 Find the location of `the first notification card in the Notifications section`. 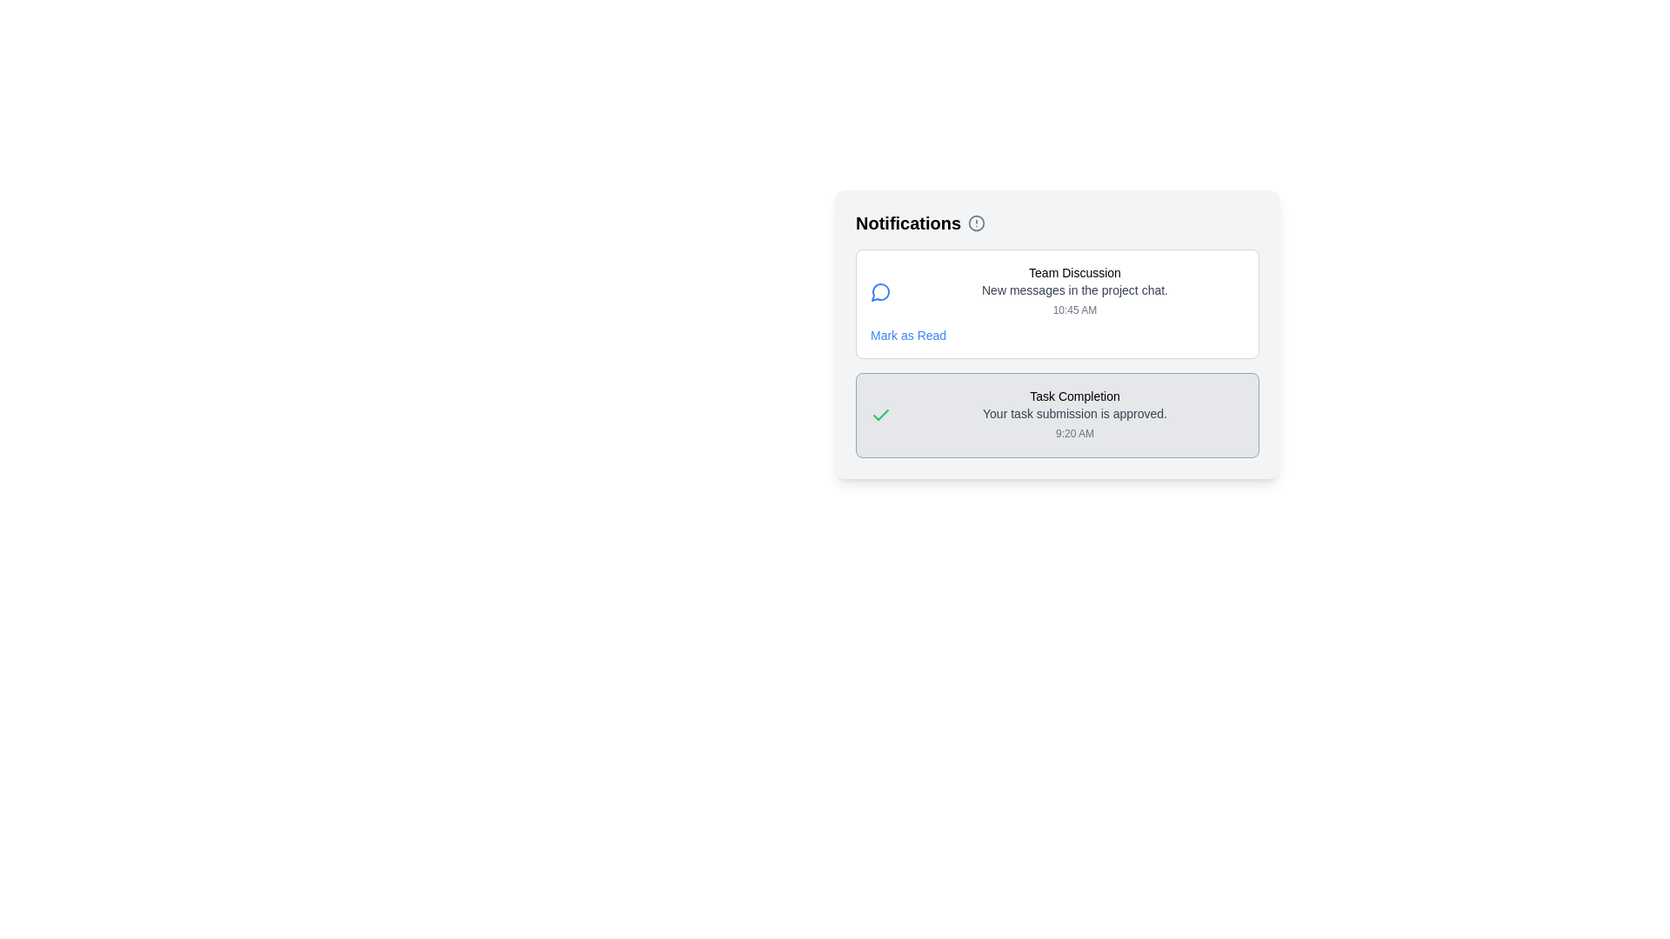

the first notification card in the Notifications section is located at coordinates (1056, 303).